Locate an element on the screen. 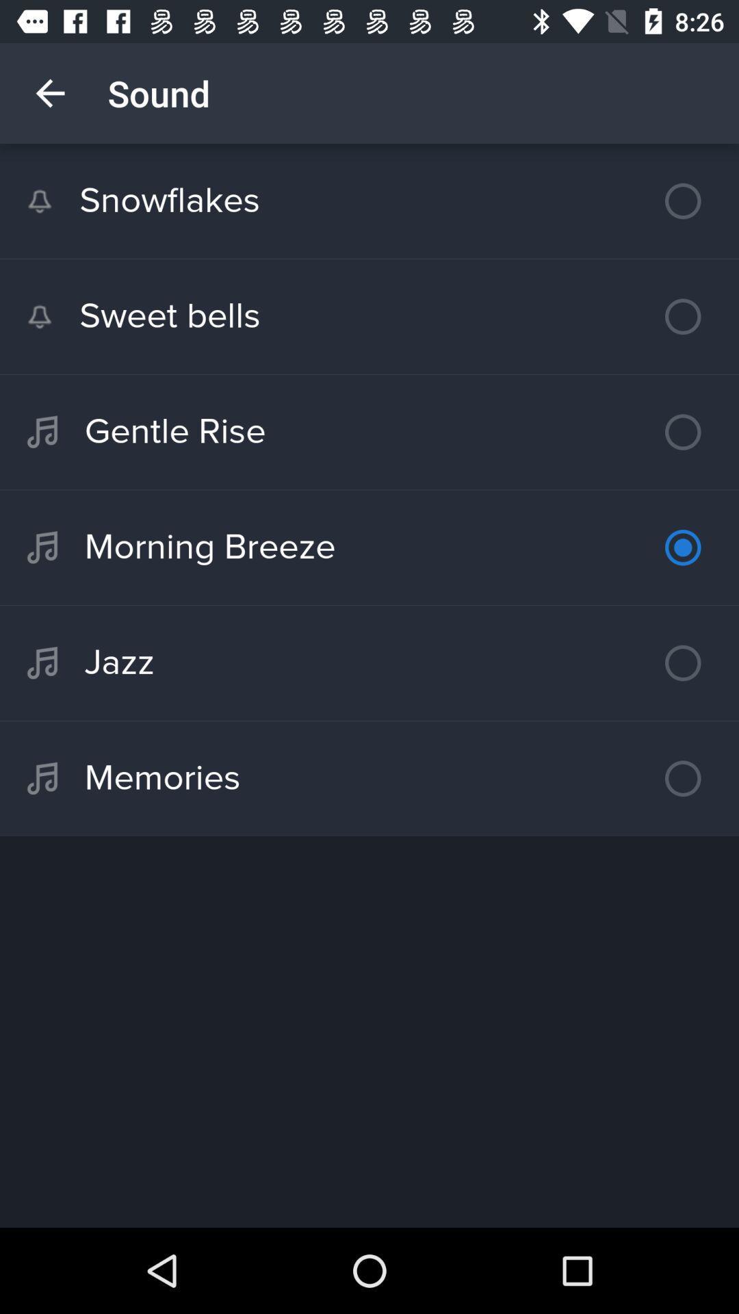 The height and width of the screenshot is (1314, 739). the snowflakes item is located at coordinates (369, 200).